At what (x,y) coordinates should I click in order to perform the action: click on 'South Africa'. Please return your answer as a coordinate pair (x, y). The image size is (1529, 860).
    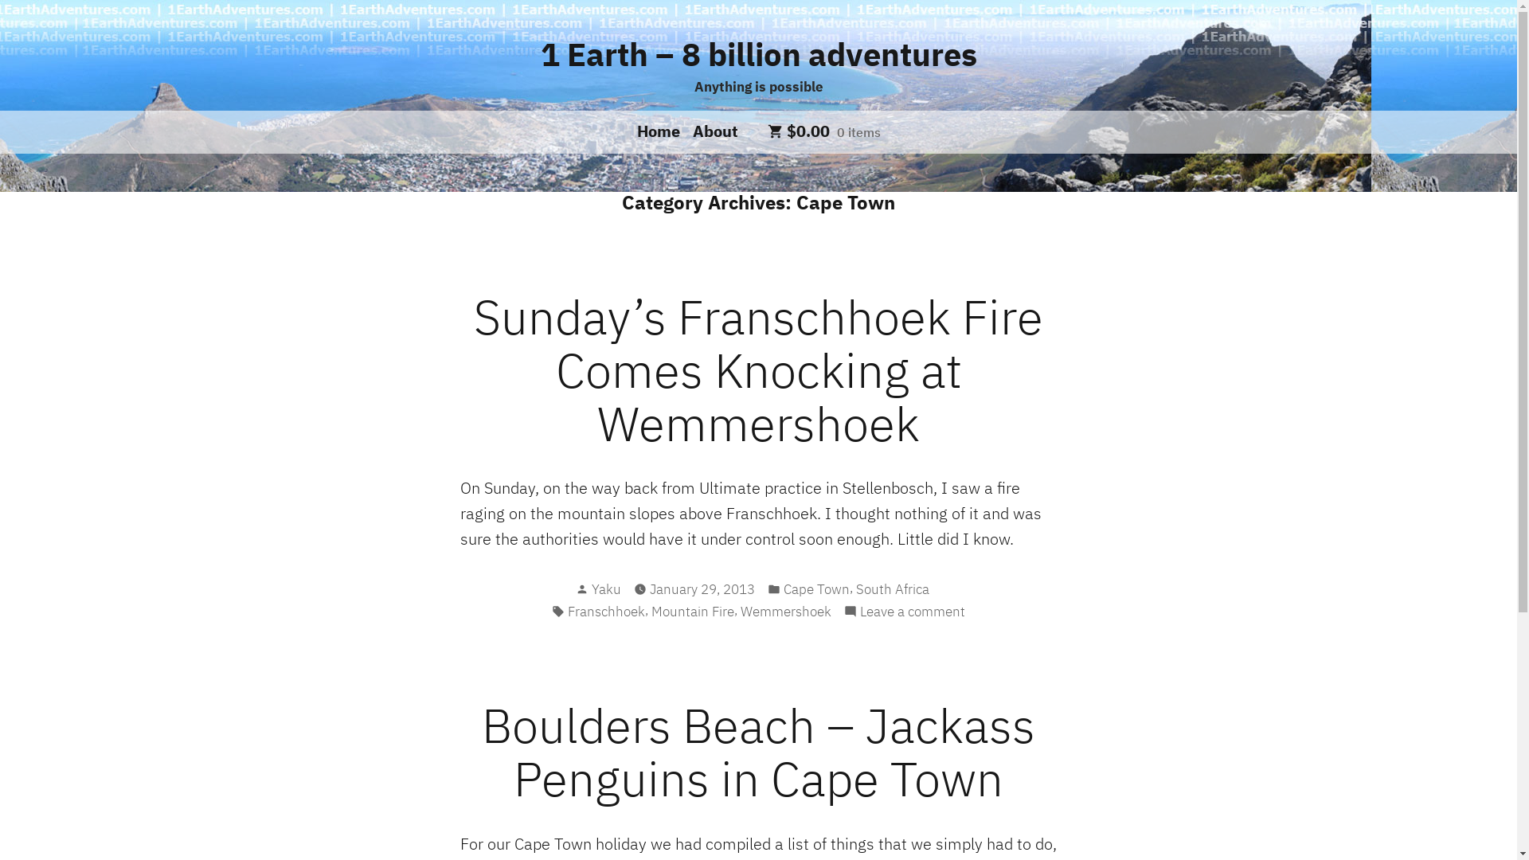
    Looking at the image, I should click on (890, 589).